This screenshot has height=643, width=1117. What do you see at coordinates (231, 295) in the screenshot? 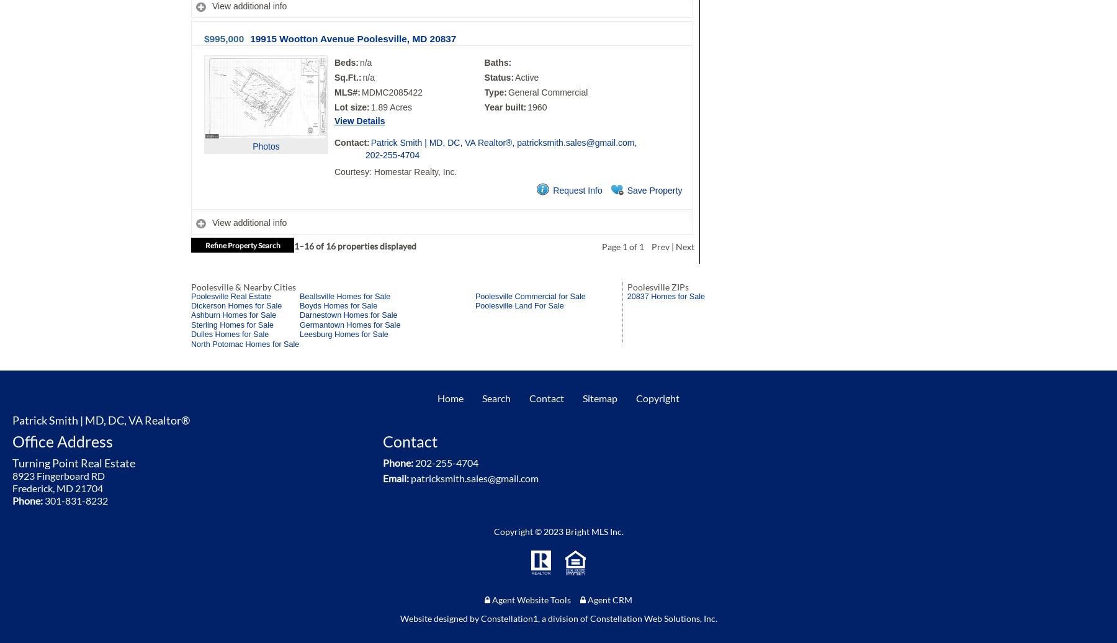
I see `'Poolesville Real Estate'` at bounding box center [231, 295].